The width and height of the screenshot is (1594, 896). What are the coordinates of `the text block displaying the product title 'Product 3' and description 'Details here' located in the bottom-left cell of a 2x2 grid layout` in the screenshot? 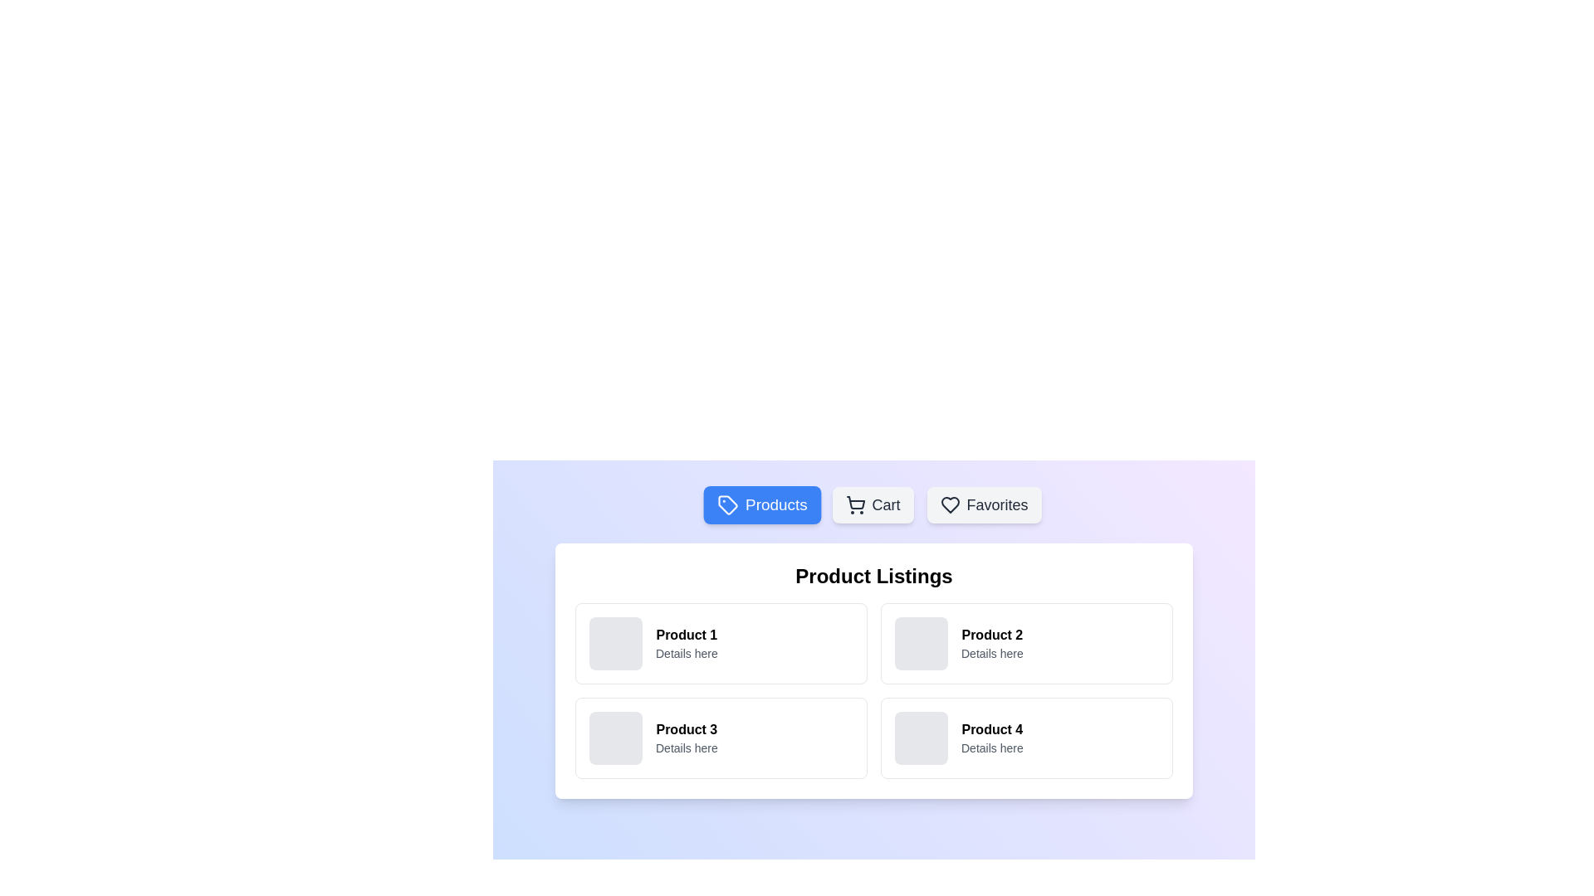 It's located at (687, 738).